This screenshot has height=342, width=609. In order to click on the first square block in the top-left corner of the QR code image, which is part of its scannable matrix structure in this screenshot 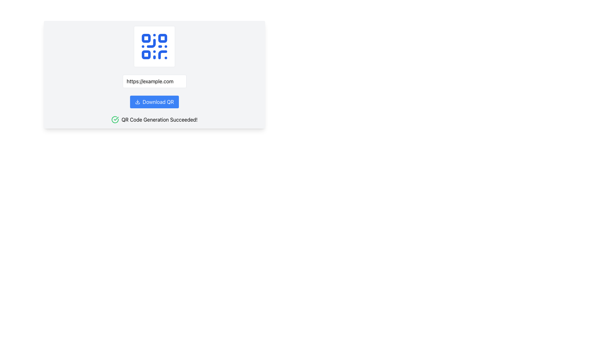, I will do `click(146, 38)`.